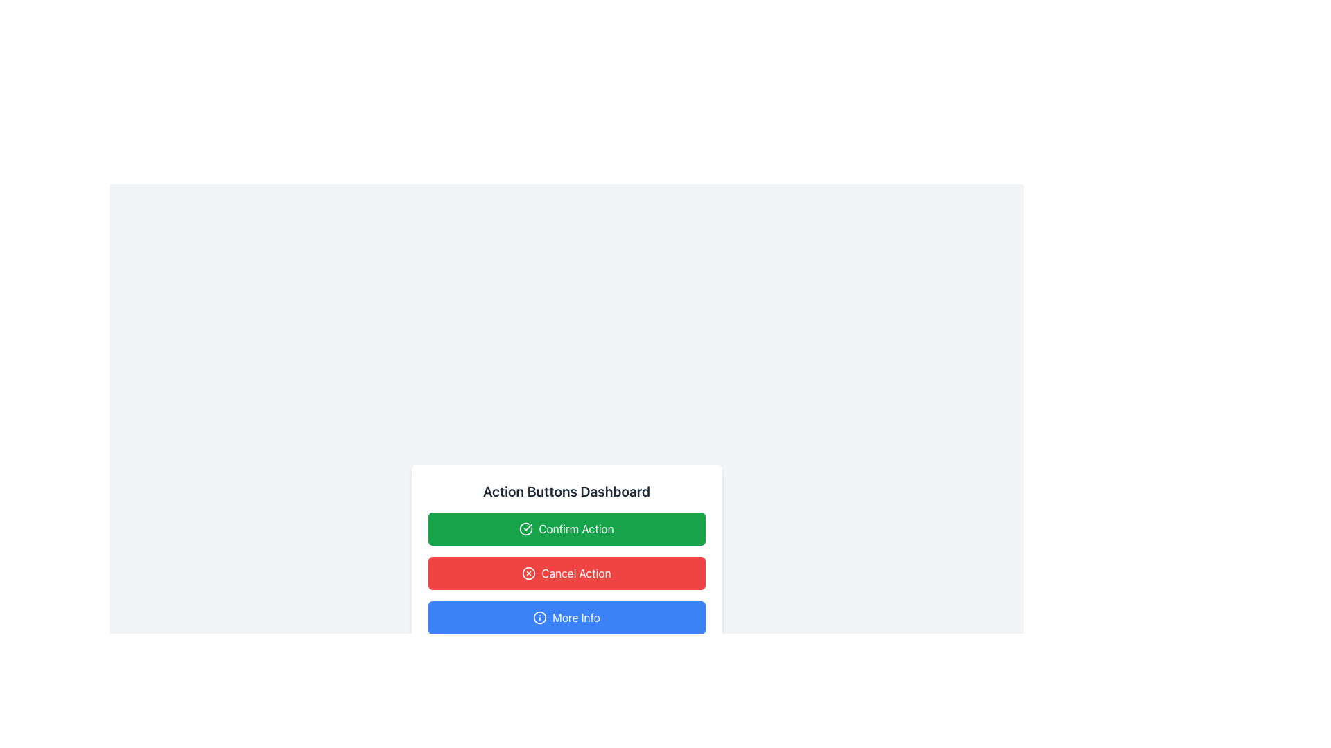 This screenshot has width=1331, height=748. Describe the element at coordinates (576, 616) in the screenshot. I see `text label providing a description for the 'More Info' button, located within the blue button at the bottom of the button group beneath 'Action Buttons Dashboard'` at that location.